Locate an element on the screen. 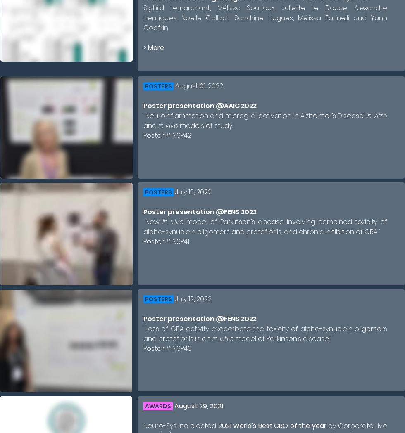 This screenshot has height=433, width=405. 'and' is located at coordinates (150, 125).